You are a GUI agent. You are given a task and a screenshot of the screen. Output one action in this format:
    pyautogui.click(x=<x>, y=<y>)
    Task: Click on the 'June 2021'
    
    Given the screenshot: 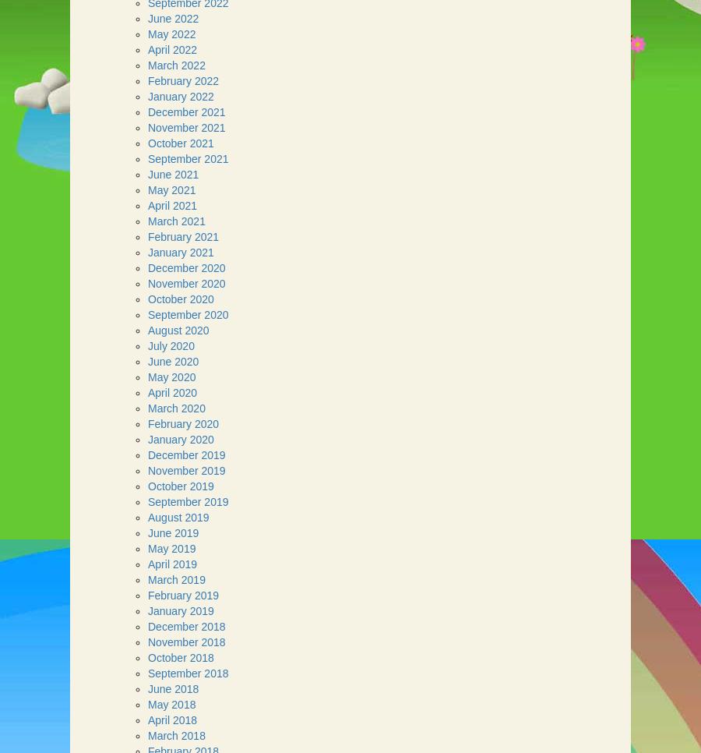 What is the action you would take?
    pyautogui.click(x=173, y=174)
    